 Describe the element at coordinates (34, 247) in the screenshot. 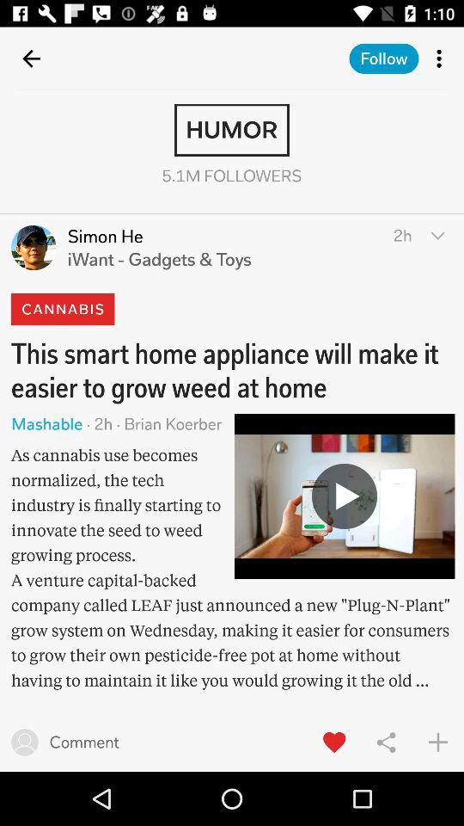

I see `the avatar icon` at that location.